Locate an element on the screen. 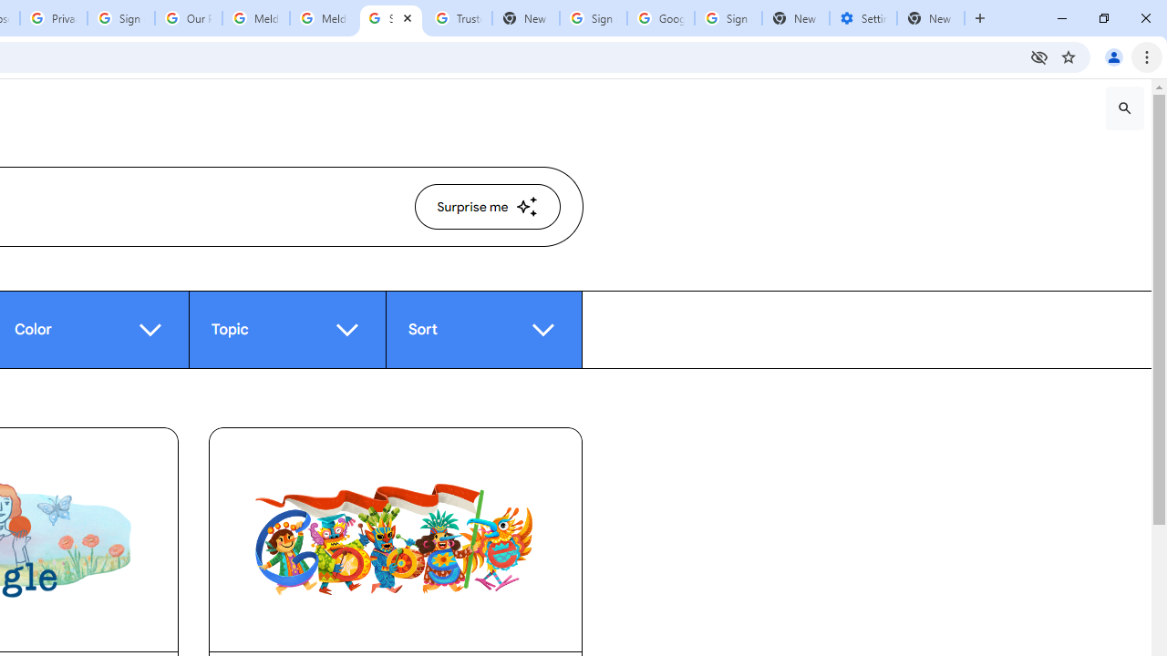 Image resolution: width=1167 pixels, height=656 pixels. 'Surprise me' is located at coordinates (487, 206).